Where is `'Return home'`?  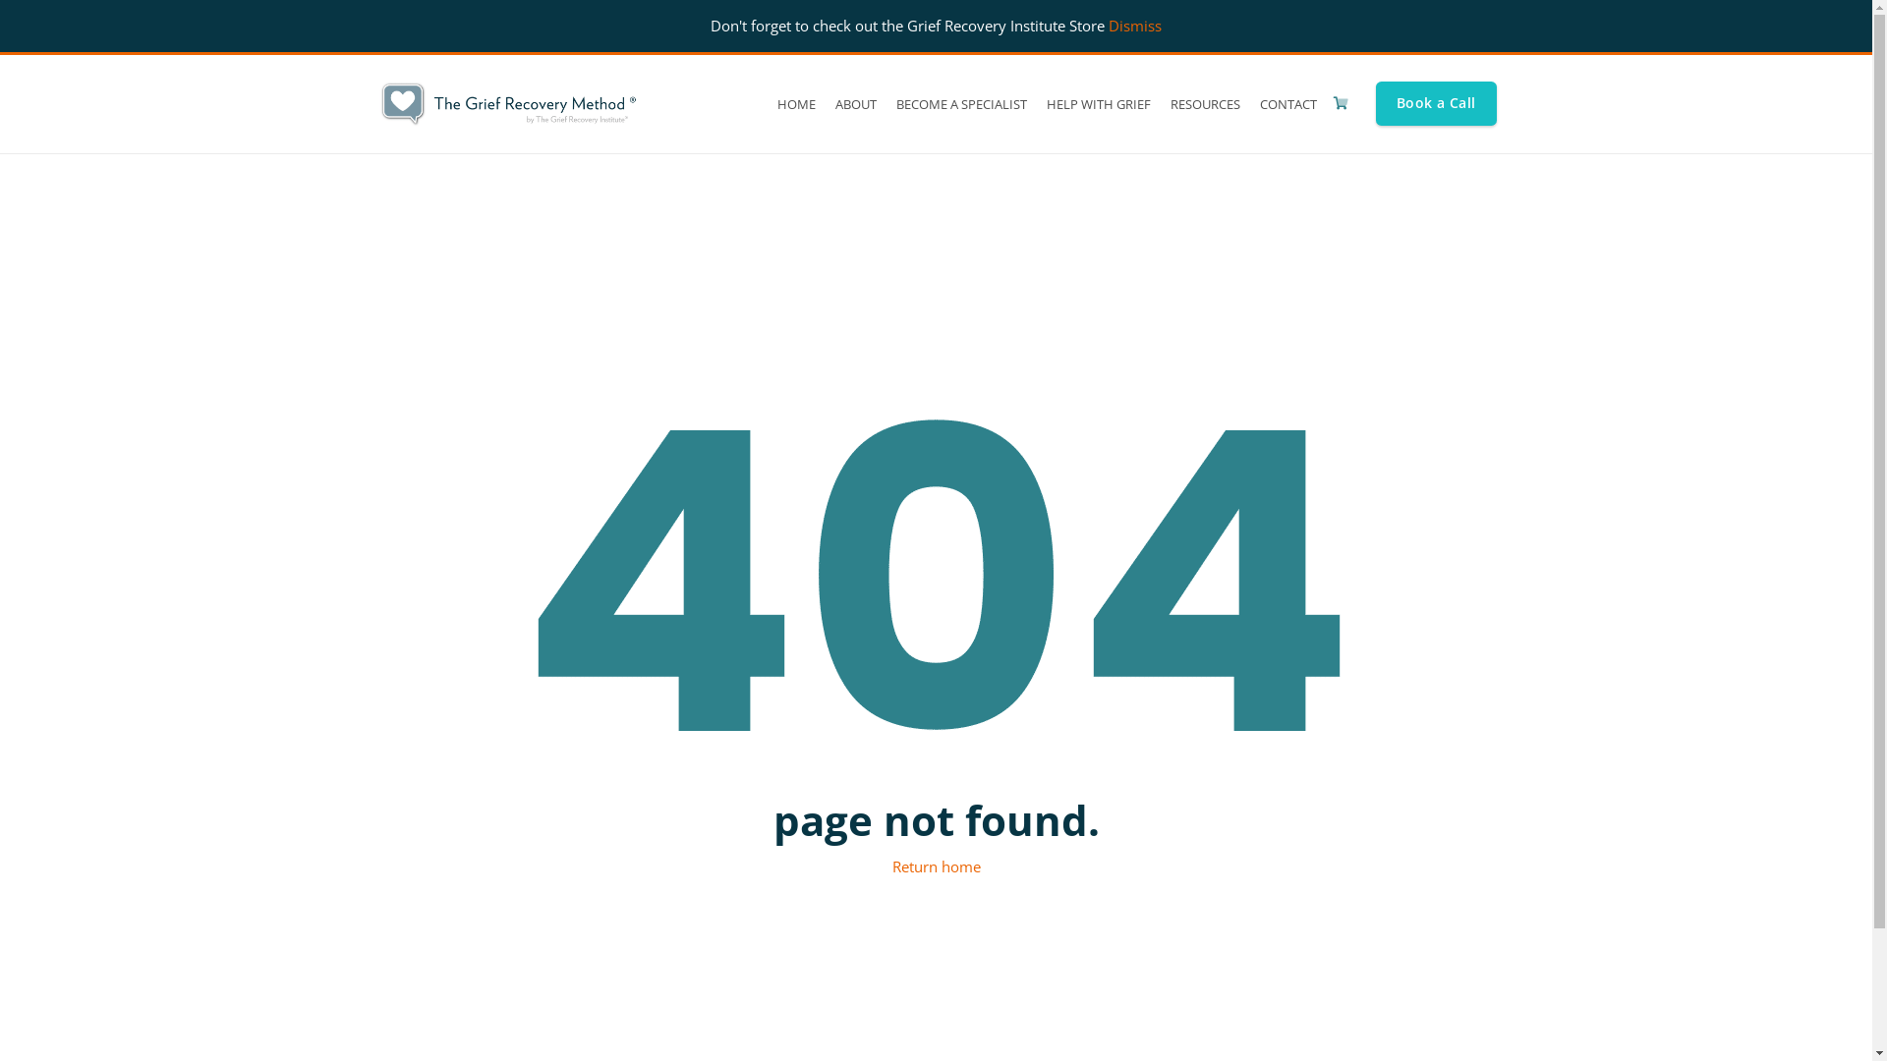
'Return home' is located at coordinates (936, 866).